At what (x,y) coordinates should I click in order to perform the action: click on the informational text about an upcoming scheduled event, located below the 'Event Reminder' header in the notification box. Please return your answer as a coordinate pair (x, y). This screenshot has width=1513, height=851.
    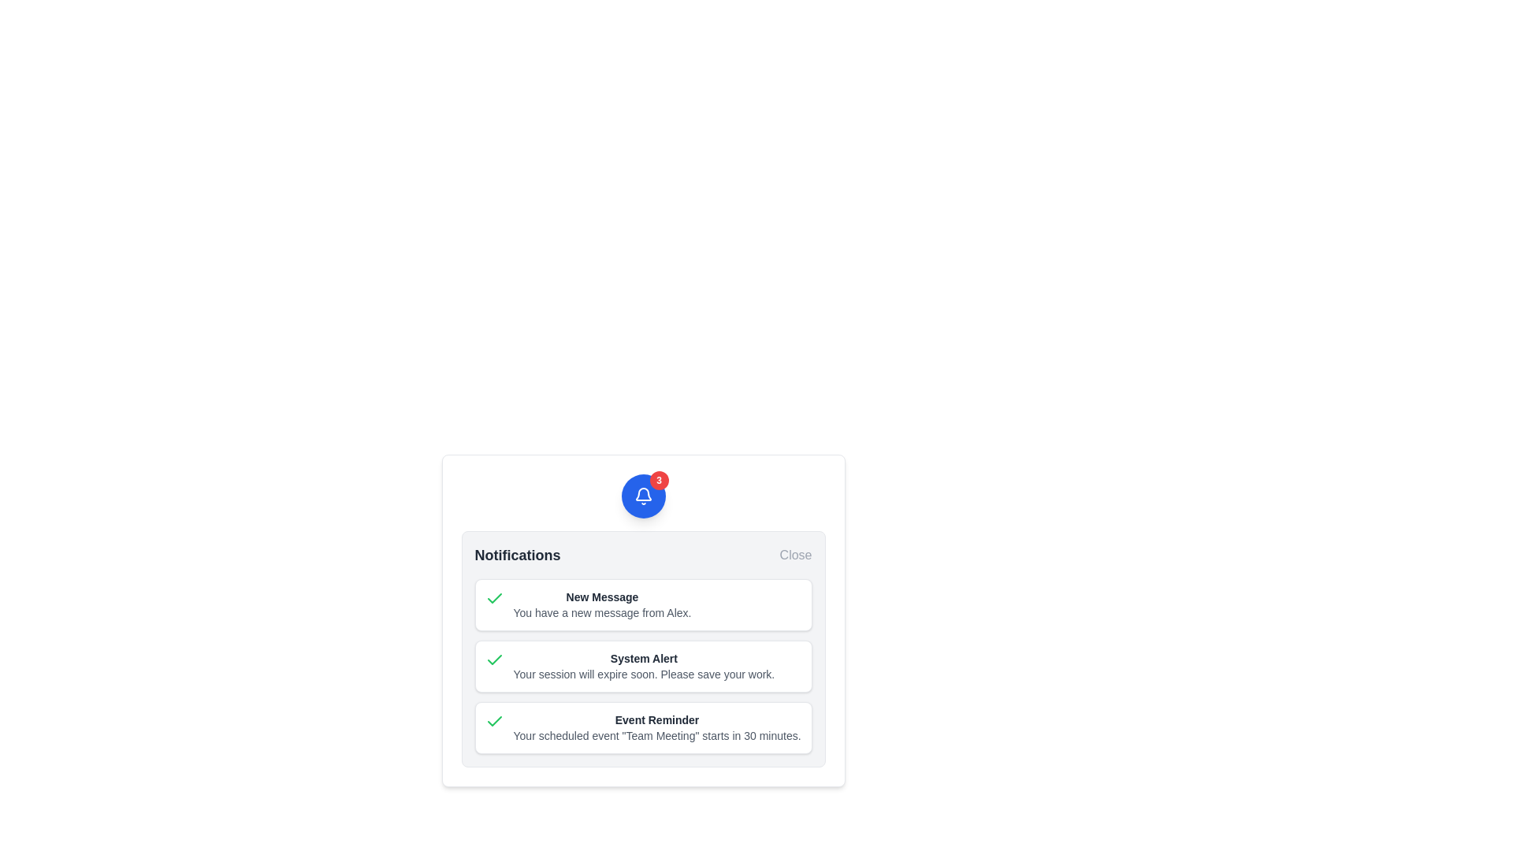
    Looking at the image, I should click on (657, 735).